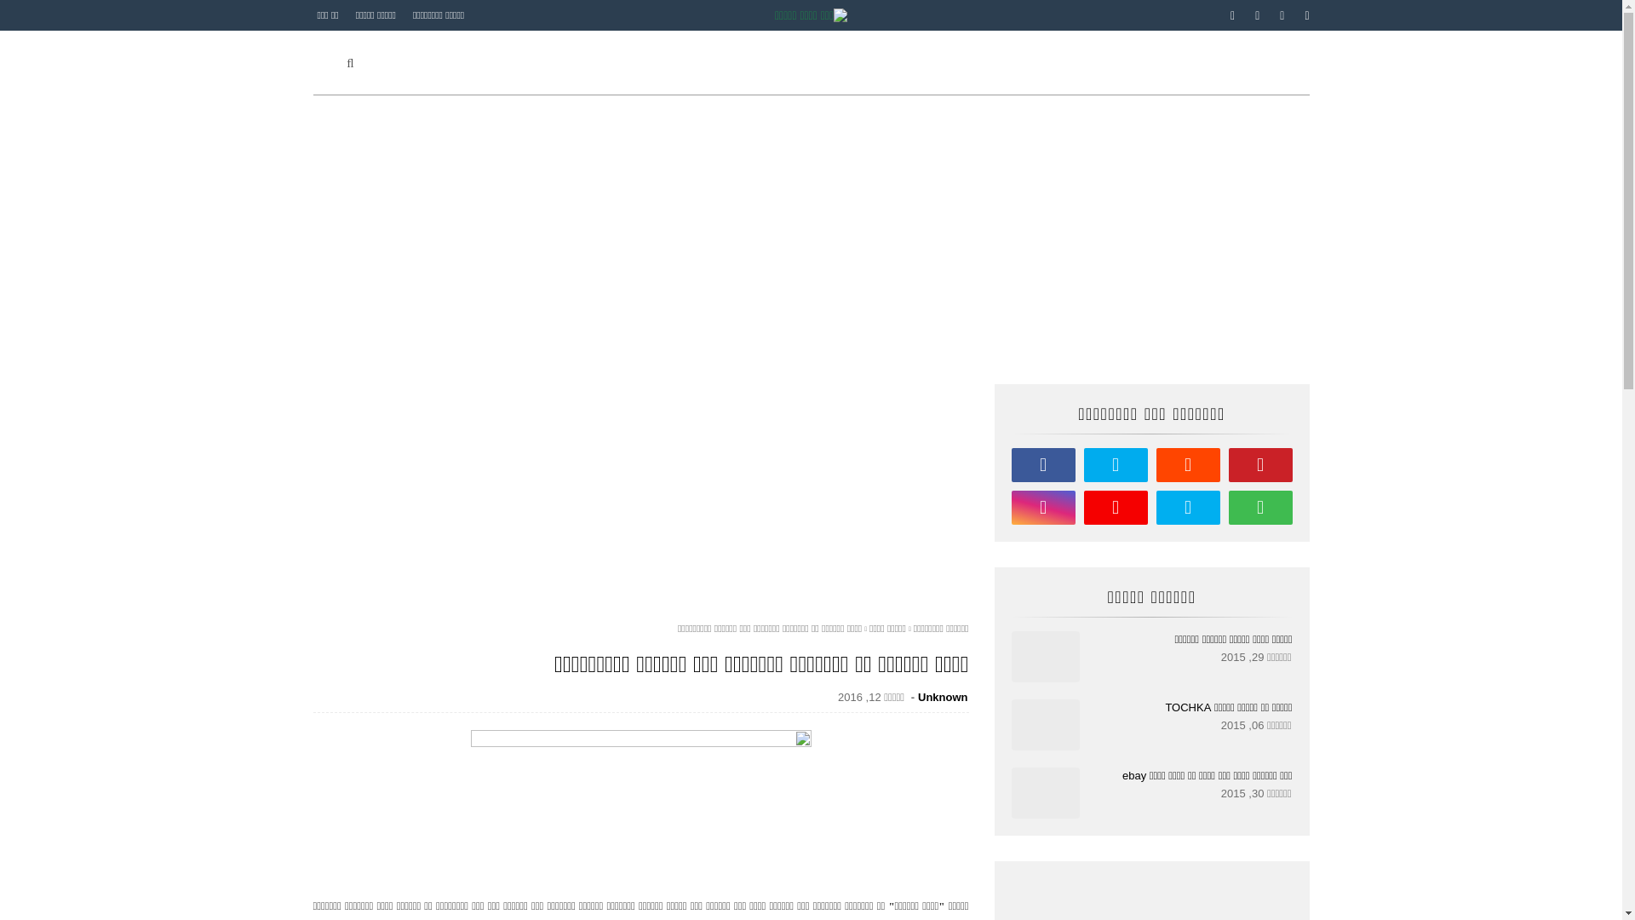 This screenshot has width=1635, height=920. Describe the element at coordinates (1187, 507) in the screenshot. I see `'skype'` at that location.